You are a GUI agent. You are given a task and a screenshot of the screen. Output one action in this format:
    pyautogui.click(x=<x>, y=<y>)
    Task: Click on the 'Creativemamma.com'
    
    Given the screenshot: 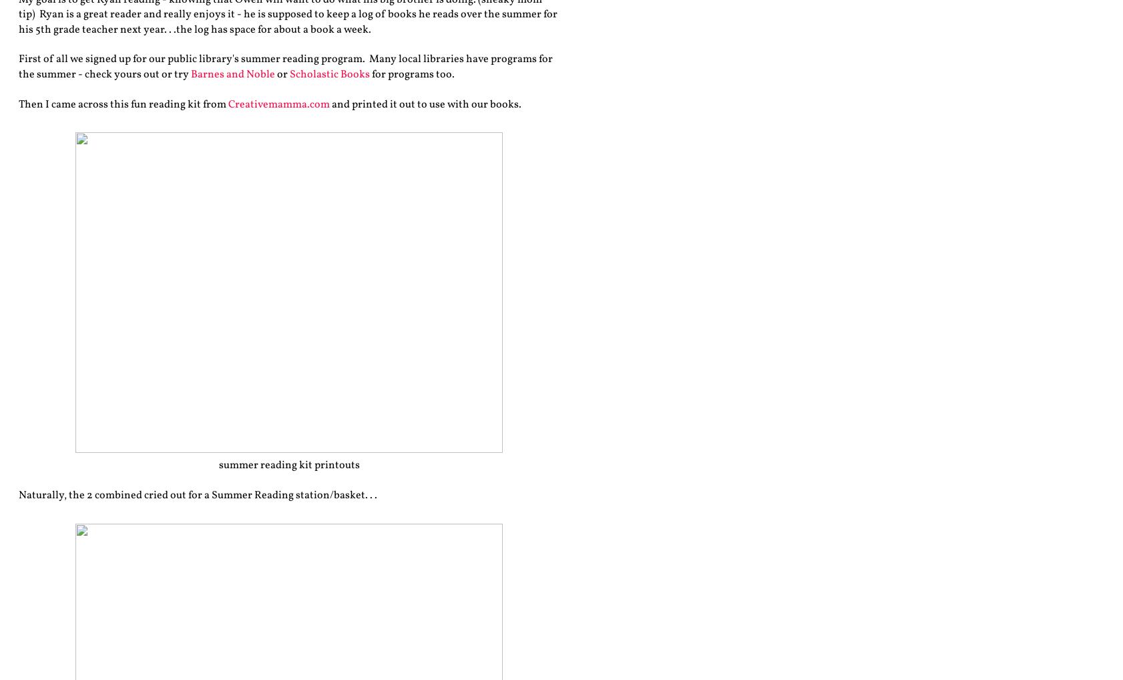 What is the action you would take?
    pyautogui.click(x=227, y=104)
    